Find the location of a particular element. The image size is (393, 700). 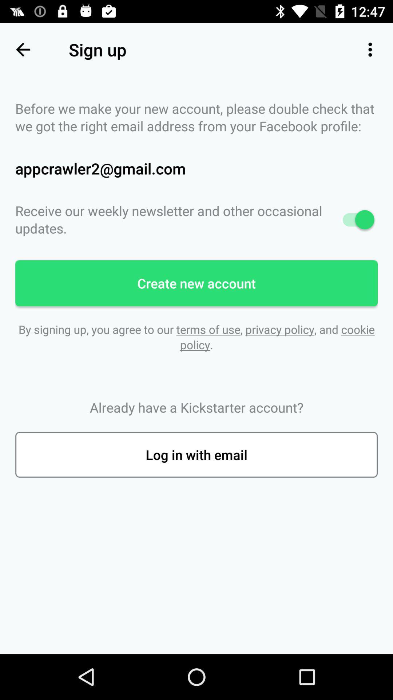

by signing up icon is located at coordinates (196, 337).